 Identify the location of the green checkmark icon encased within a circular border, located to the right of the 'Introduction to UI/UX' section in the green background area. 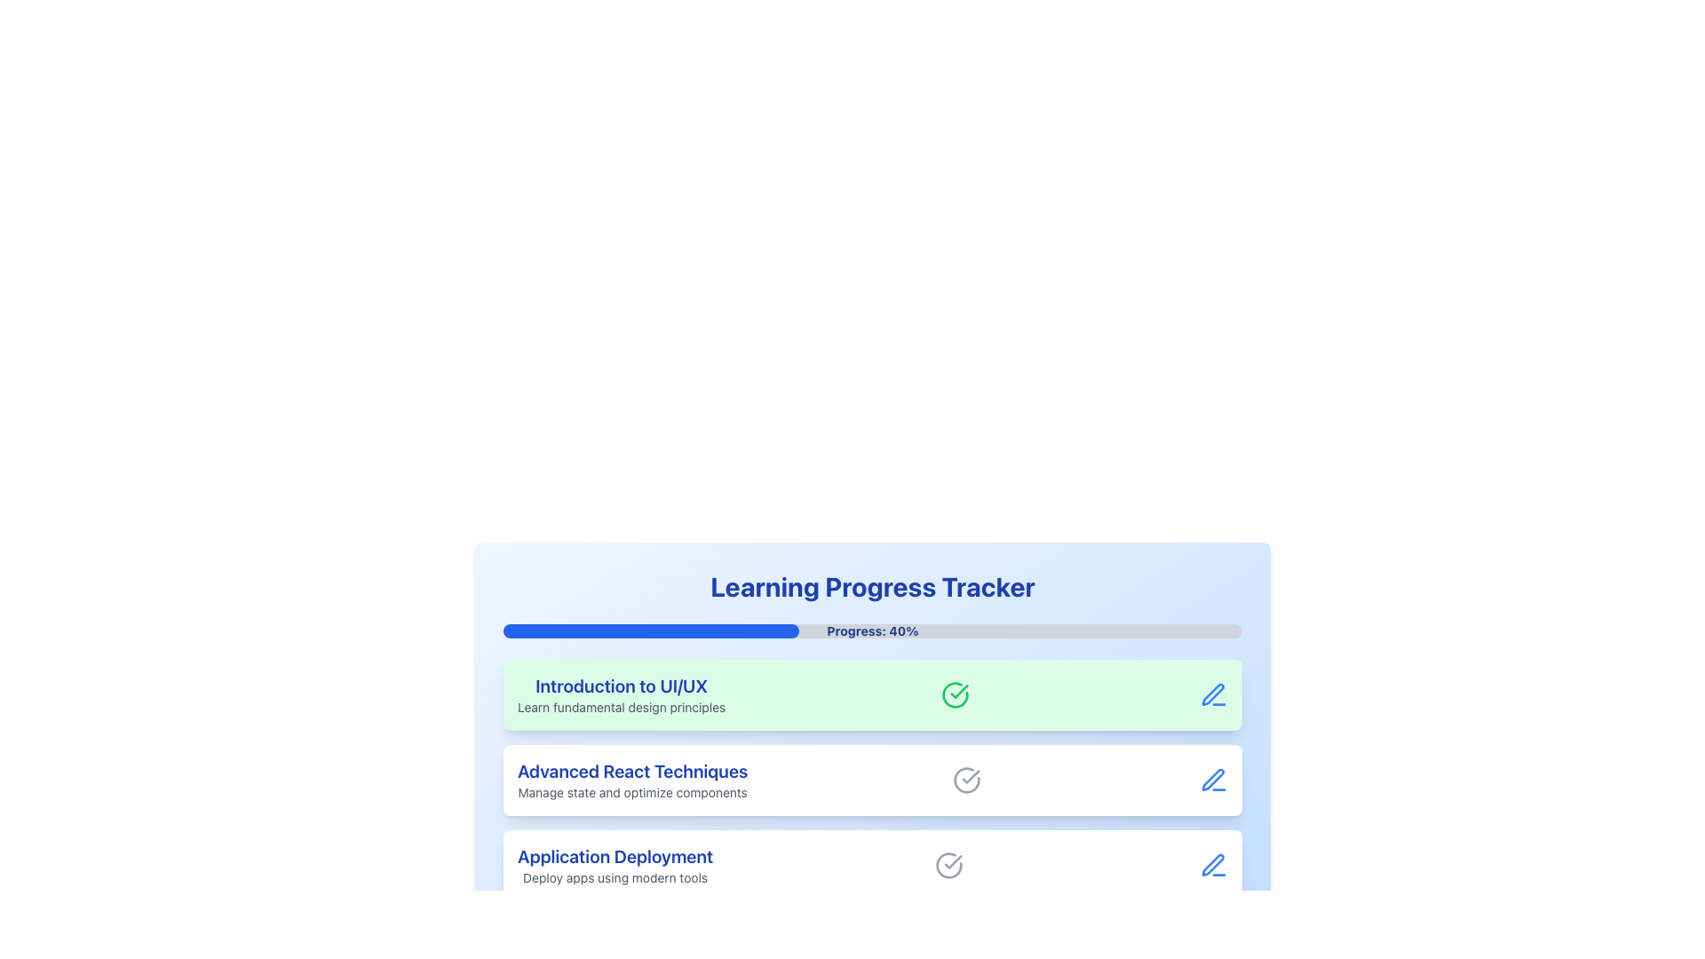
(955, 694).